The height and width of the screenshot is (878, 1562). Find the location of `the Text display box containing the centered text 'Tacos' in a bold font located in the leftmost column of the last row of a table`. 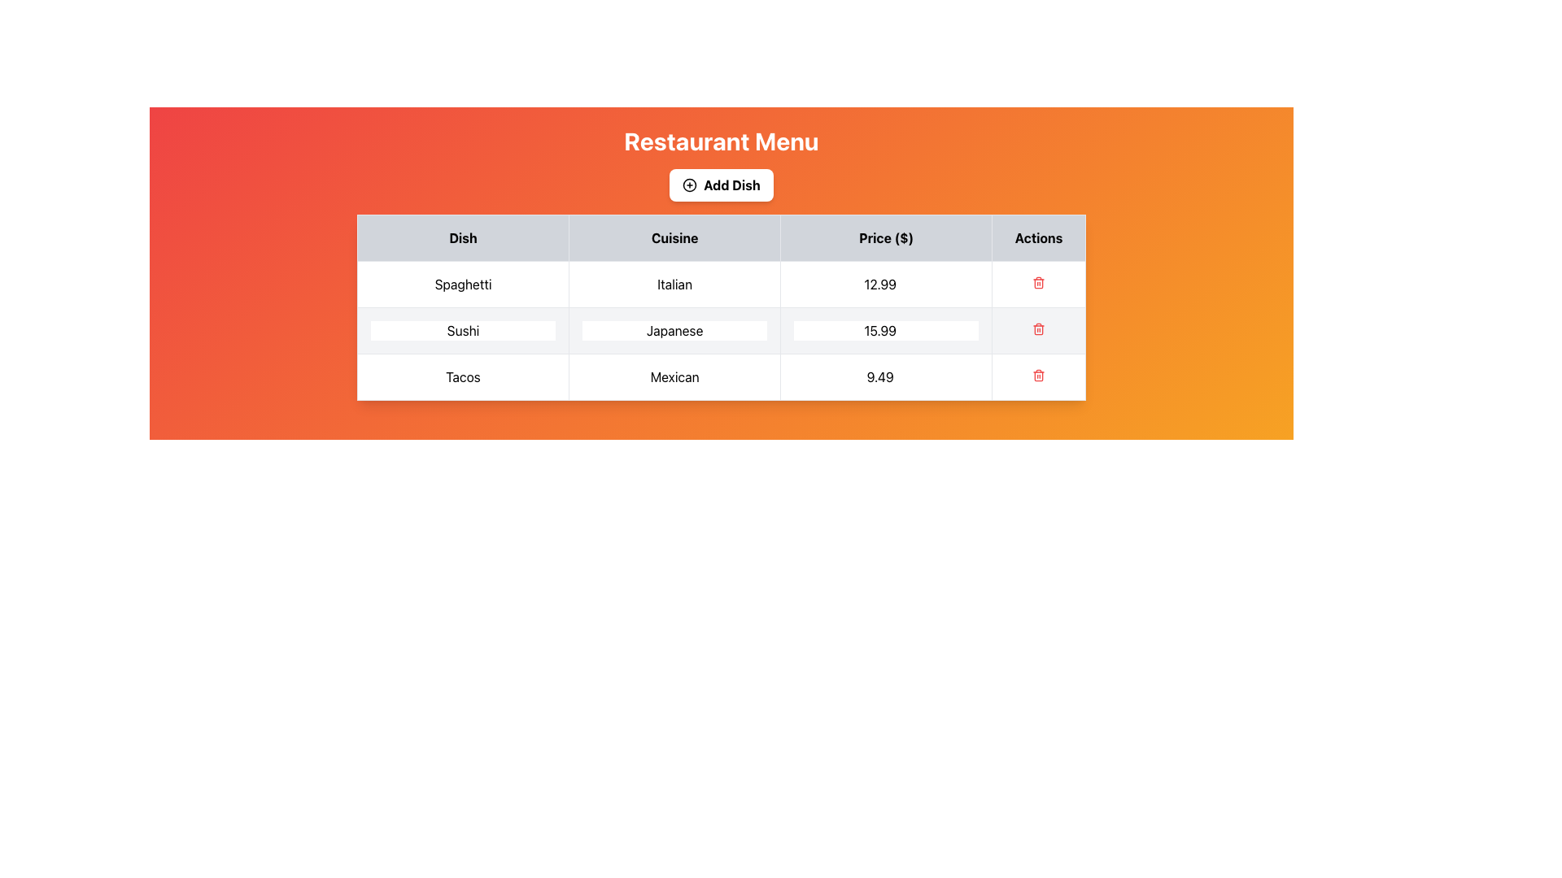

the Text display box containing the centered text 'Tacos' in a bold font located in the leftmost column of the last row of a table is located at coordinates (462, 376).